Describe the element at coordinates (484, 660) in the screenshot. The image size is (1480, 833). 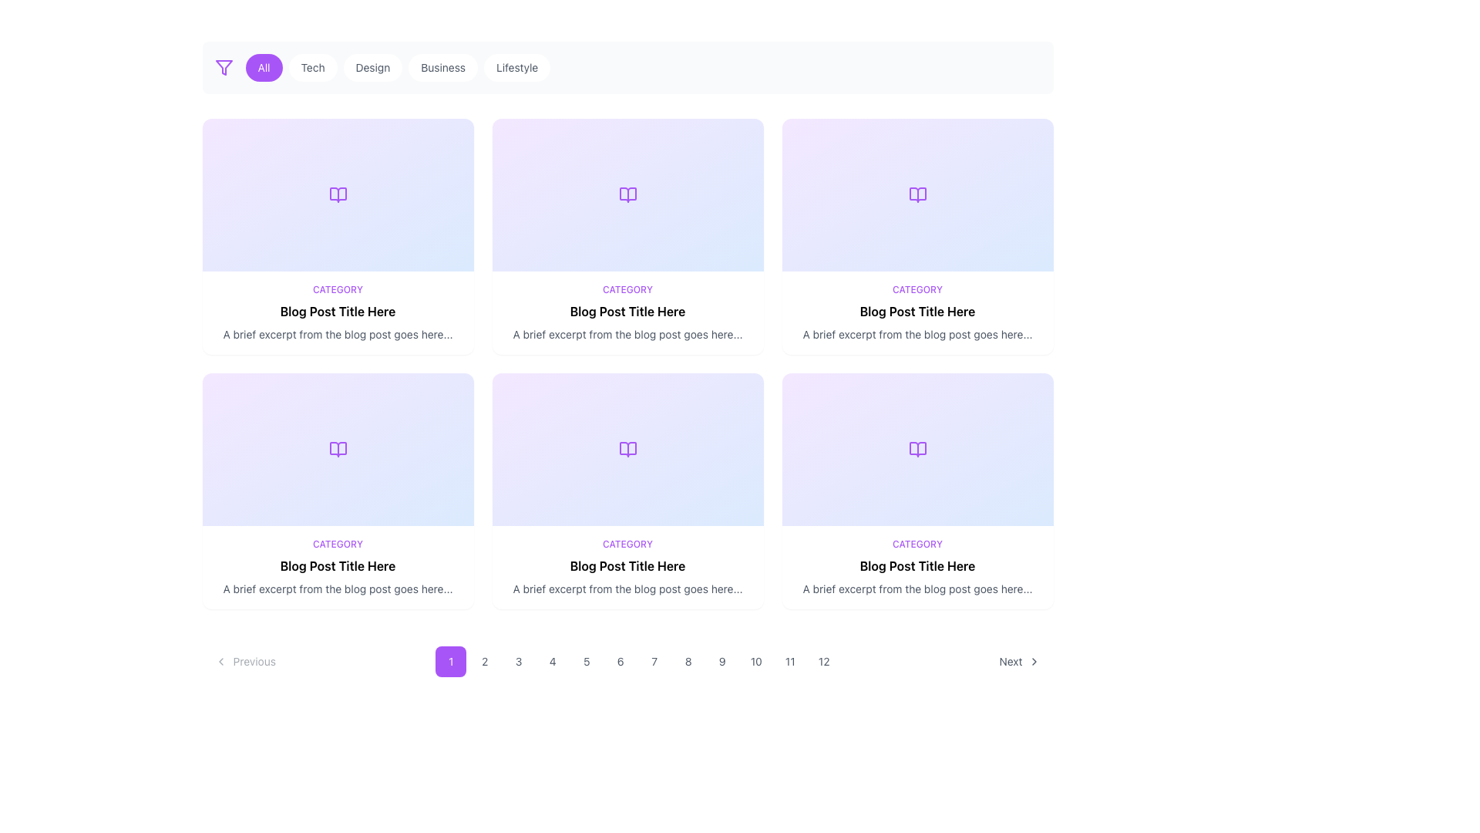
I see `the circular pagination button displaying the number '2'` at that location.